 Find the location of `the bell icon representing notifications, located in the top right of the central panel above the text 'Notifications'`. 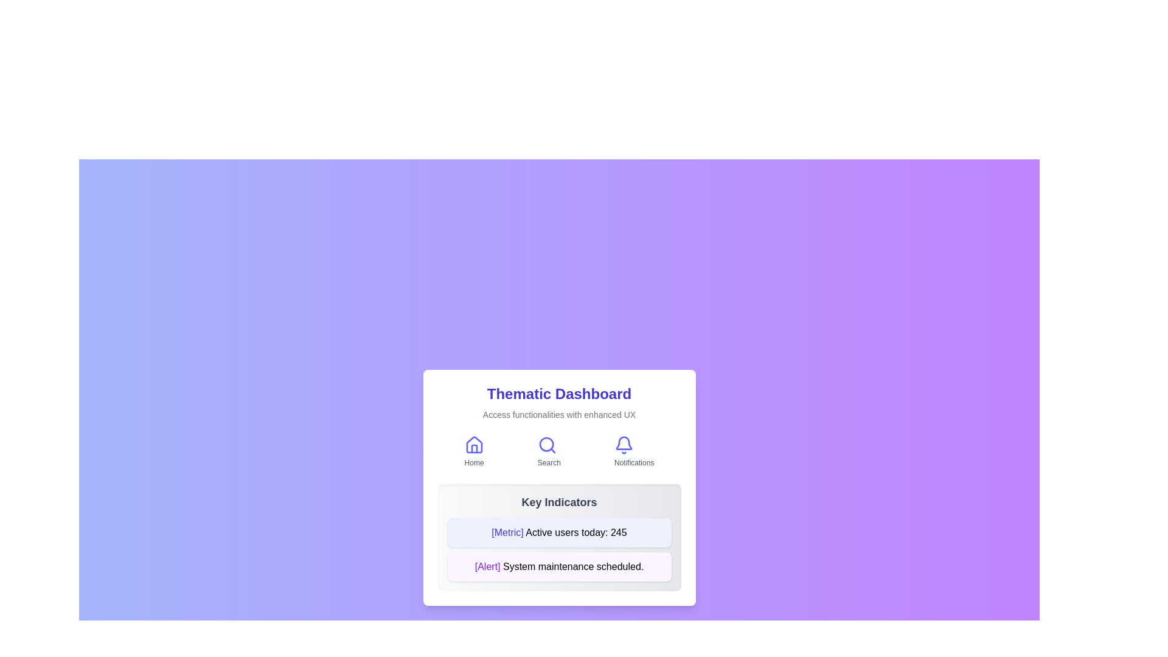

the bell icon representing notifications, located in the top right of the central panel above the text 'Notifications' is located at coordinates (624, 445).